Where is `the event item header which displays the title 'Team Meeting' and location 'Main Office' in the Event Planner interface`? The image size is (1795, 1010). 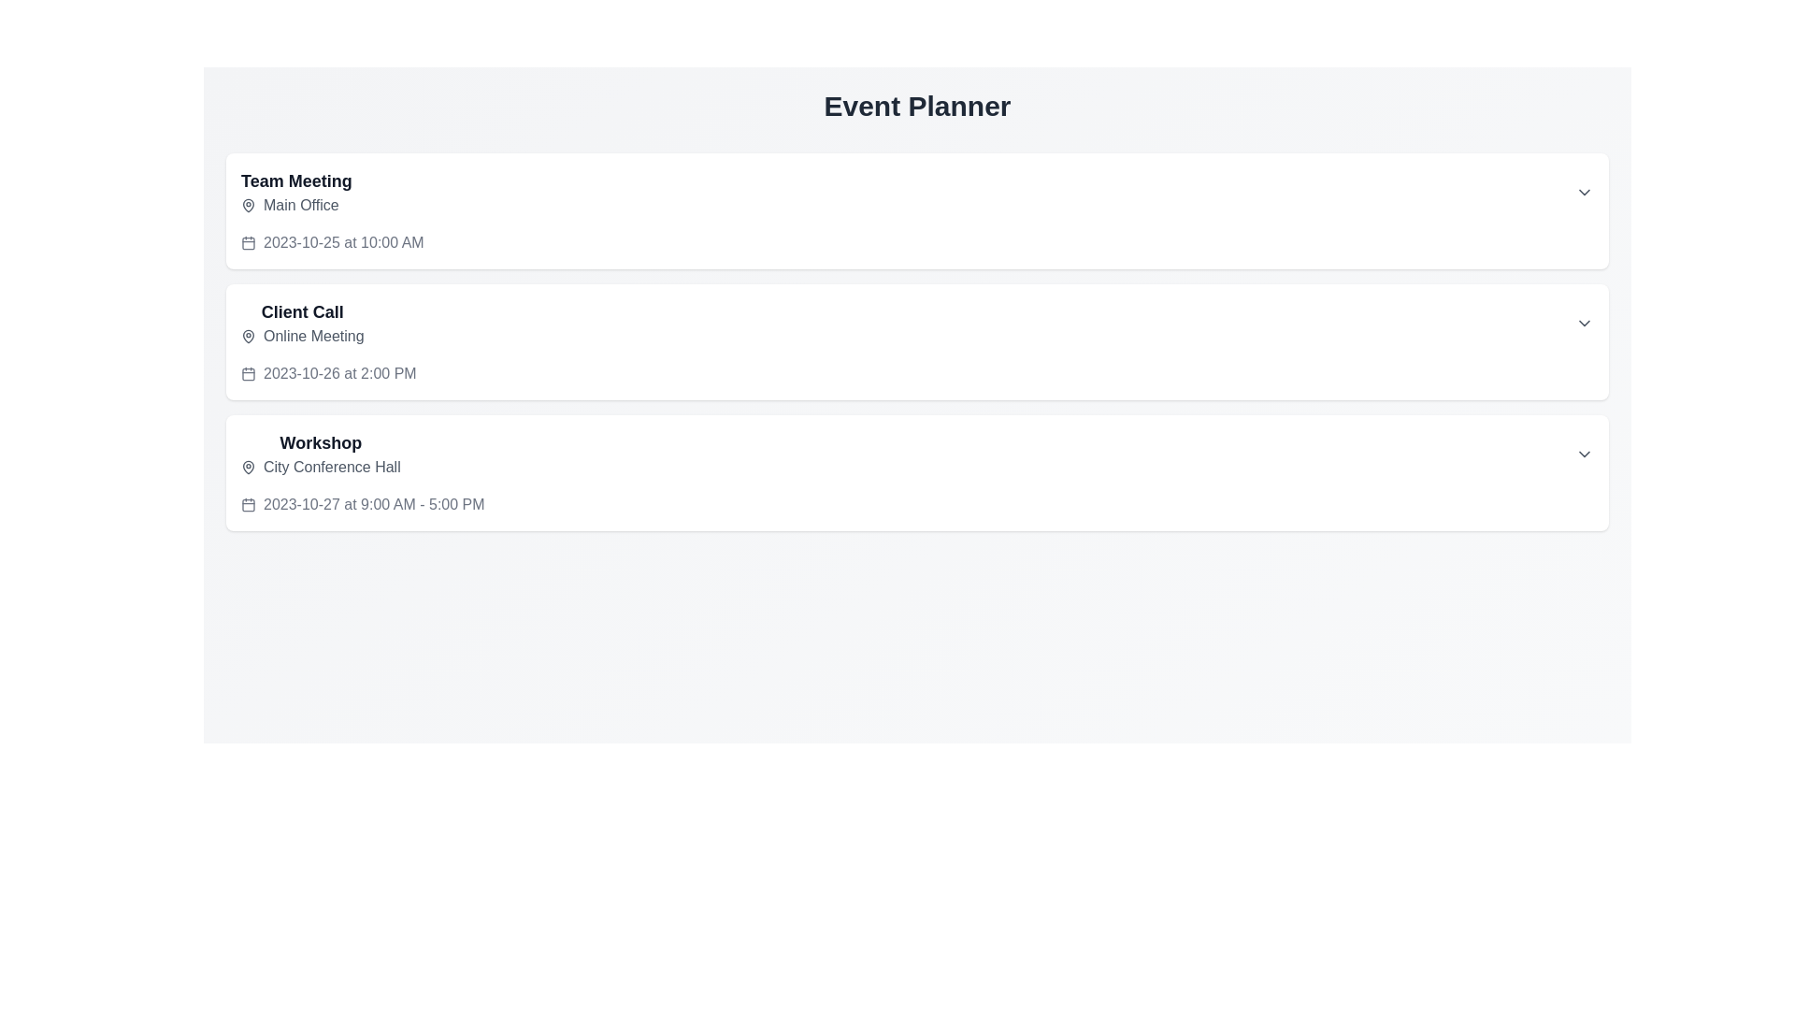 the event item header which displays the title 'Team Meeting' and location 'Main Office' in the Event Planner interface is located at coordinates (295, 192).